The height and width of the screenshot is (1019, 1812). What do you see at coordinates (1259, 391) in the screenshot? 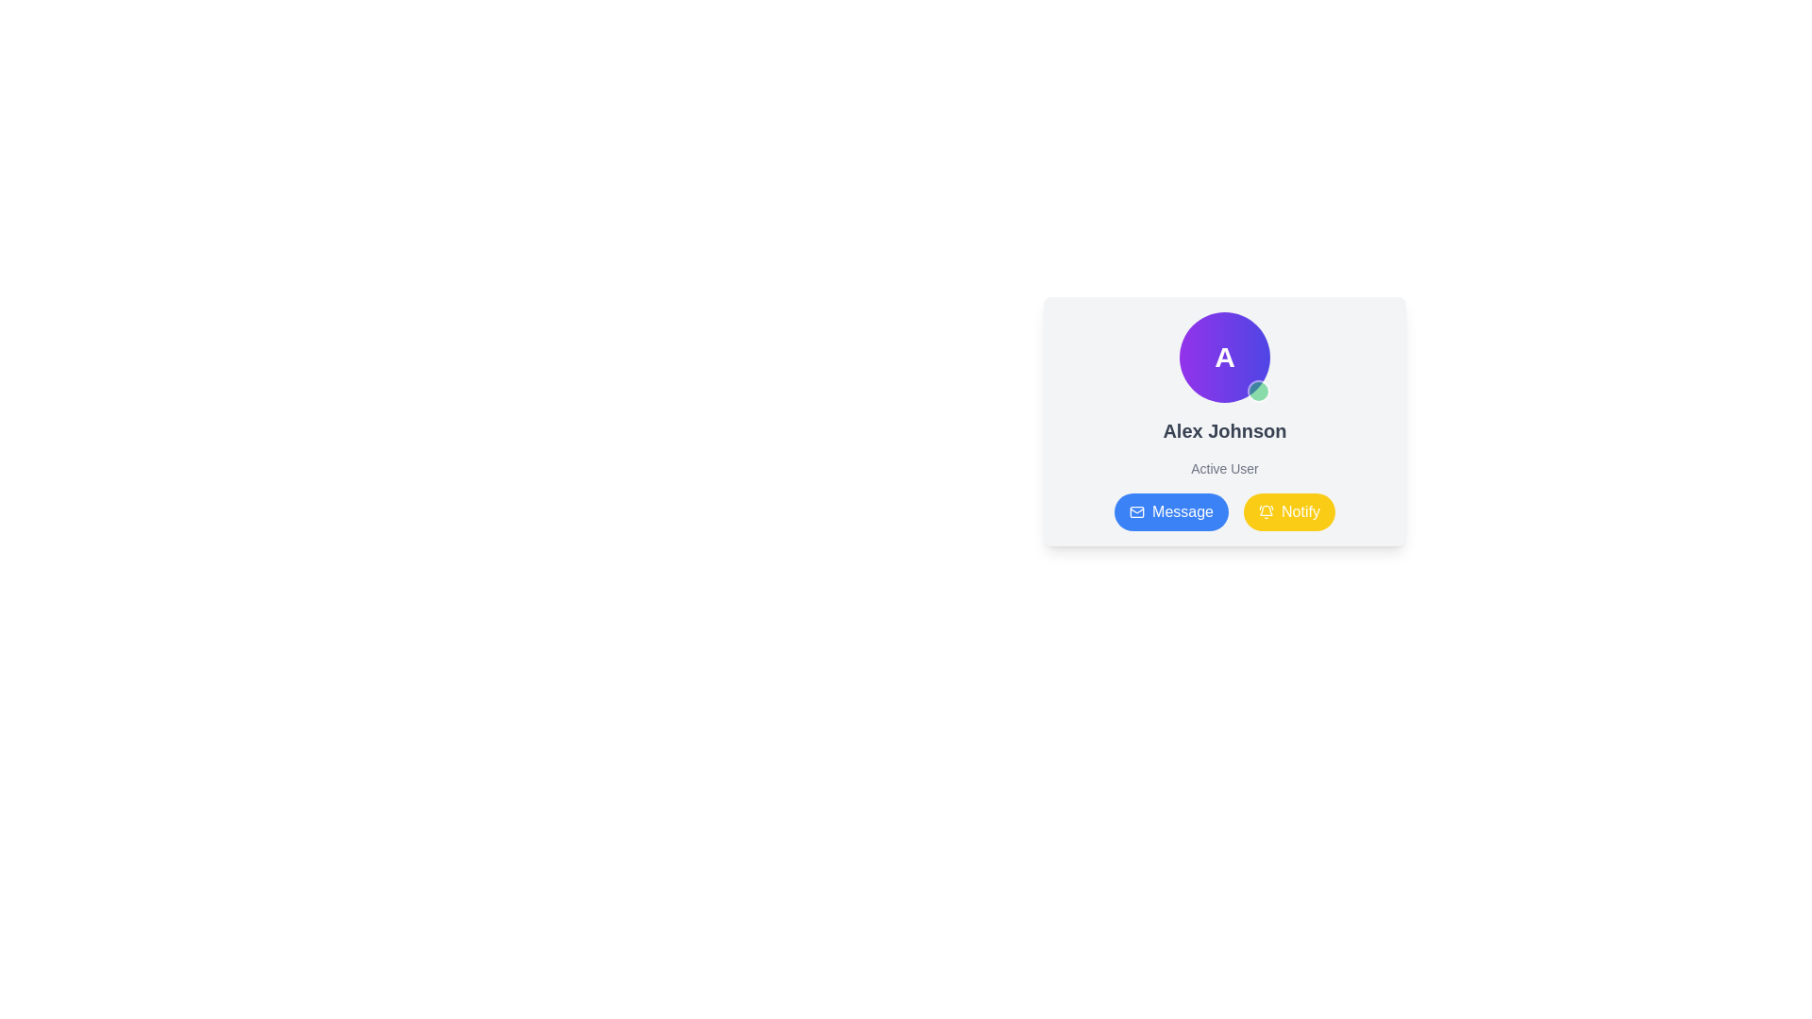
I see `the Status Indicator located at the bottom-right corner of the circular profile picture in the user profile card layout` at bounding box center [1259, 391].